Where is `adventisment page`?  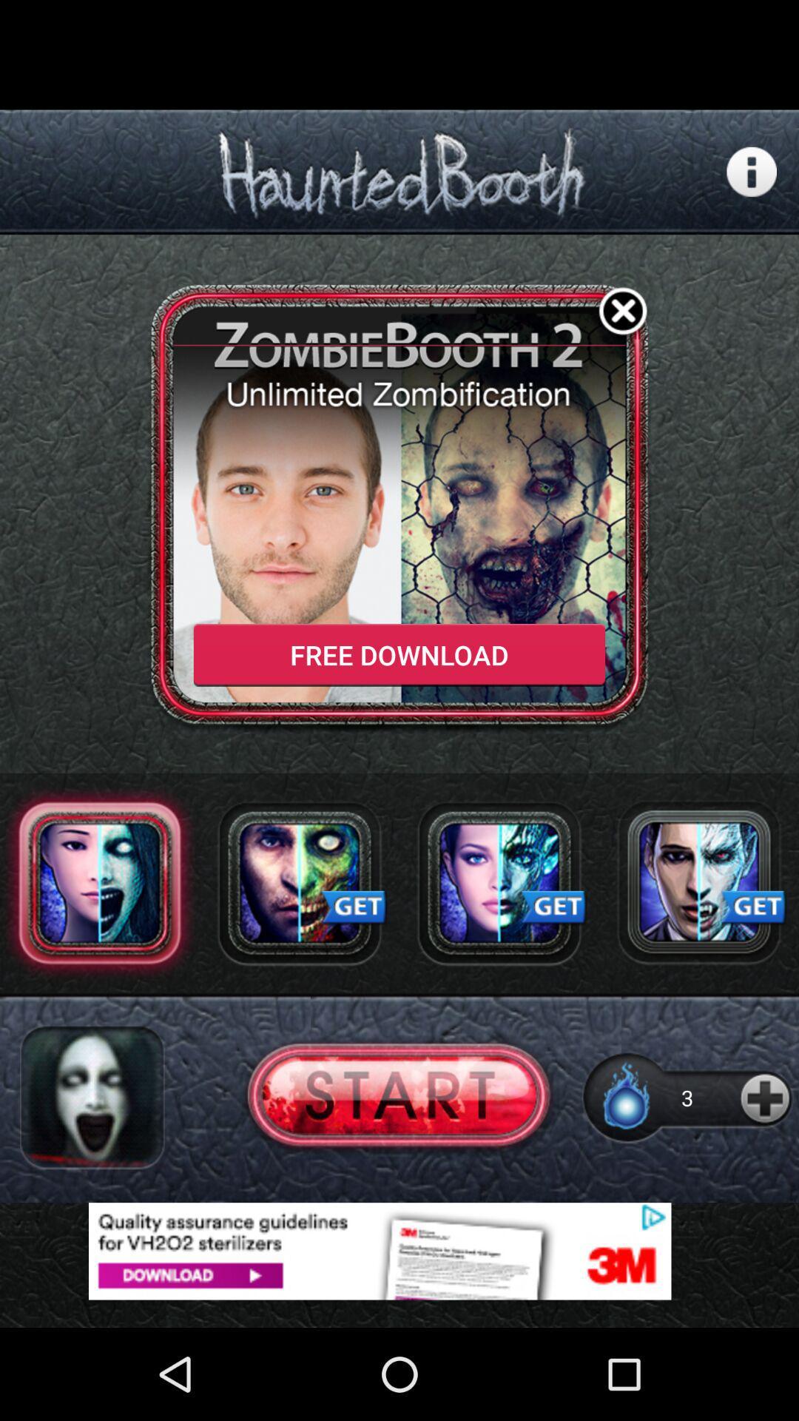 adventisment page is located at coordinates (399, 1250).